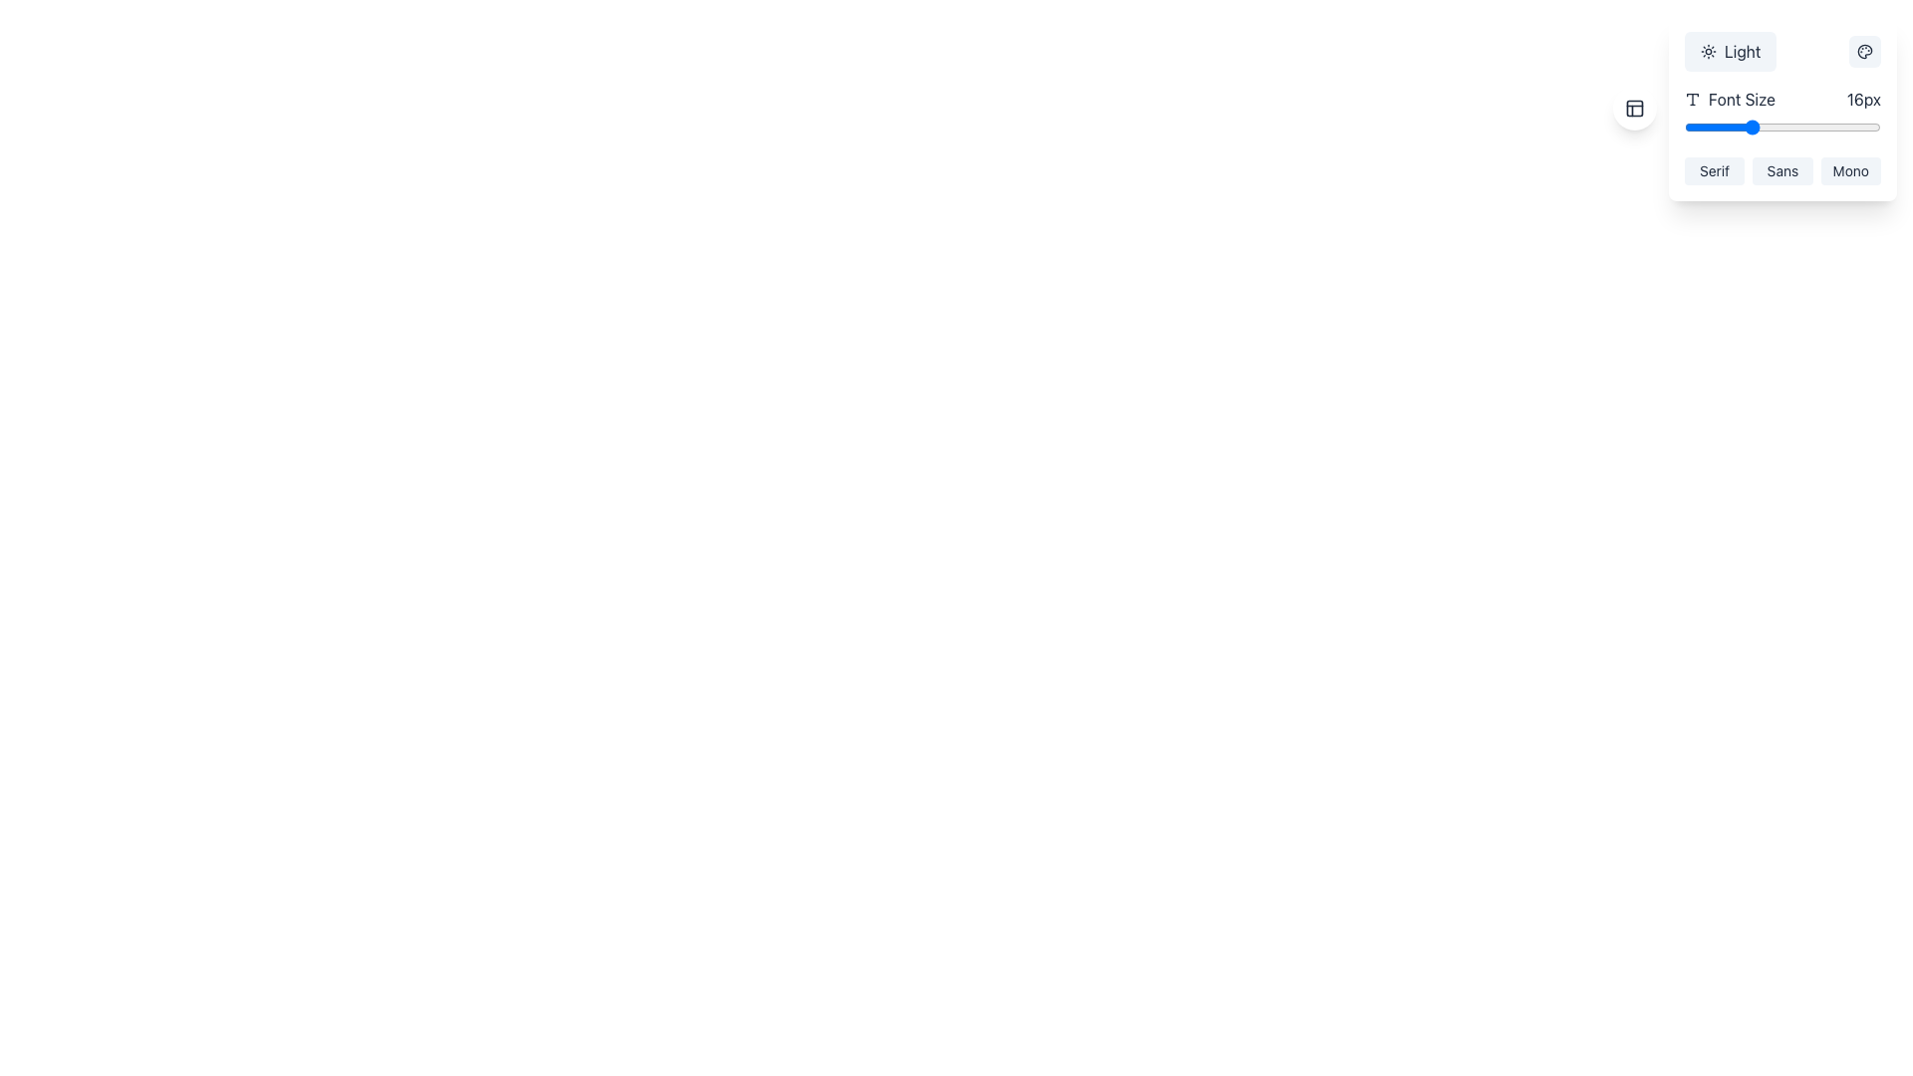 This screenshot has width=1913, height=1076. Describe the element at coordinates (1683, 127) in the screenshot. I see `font size` at that location.